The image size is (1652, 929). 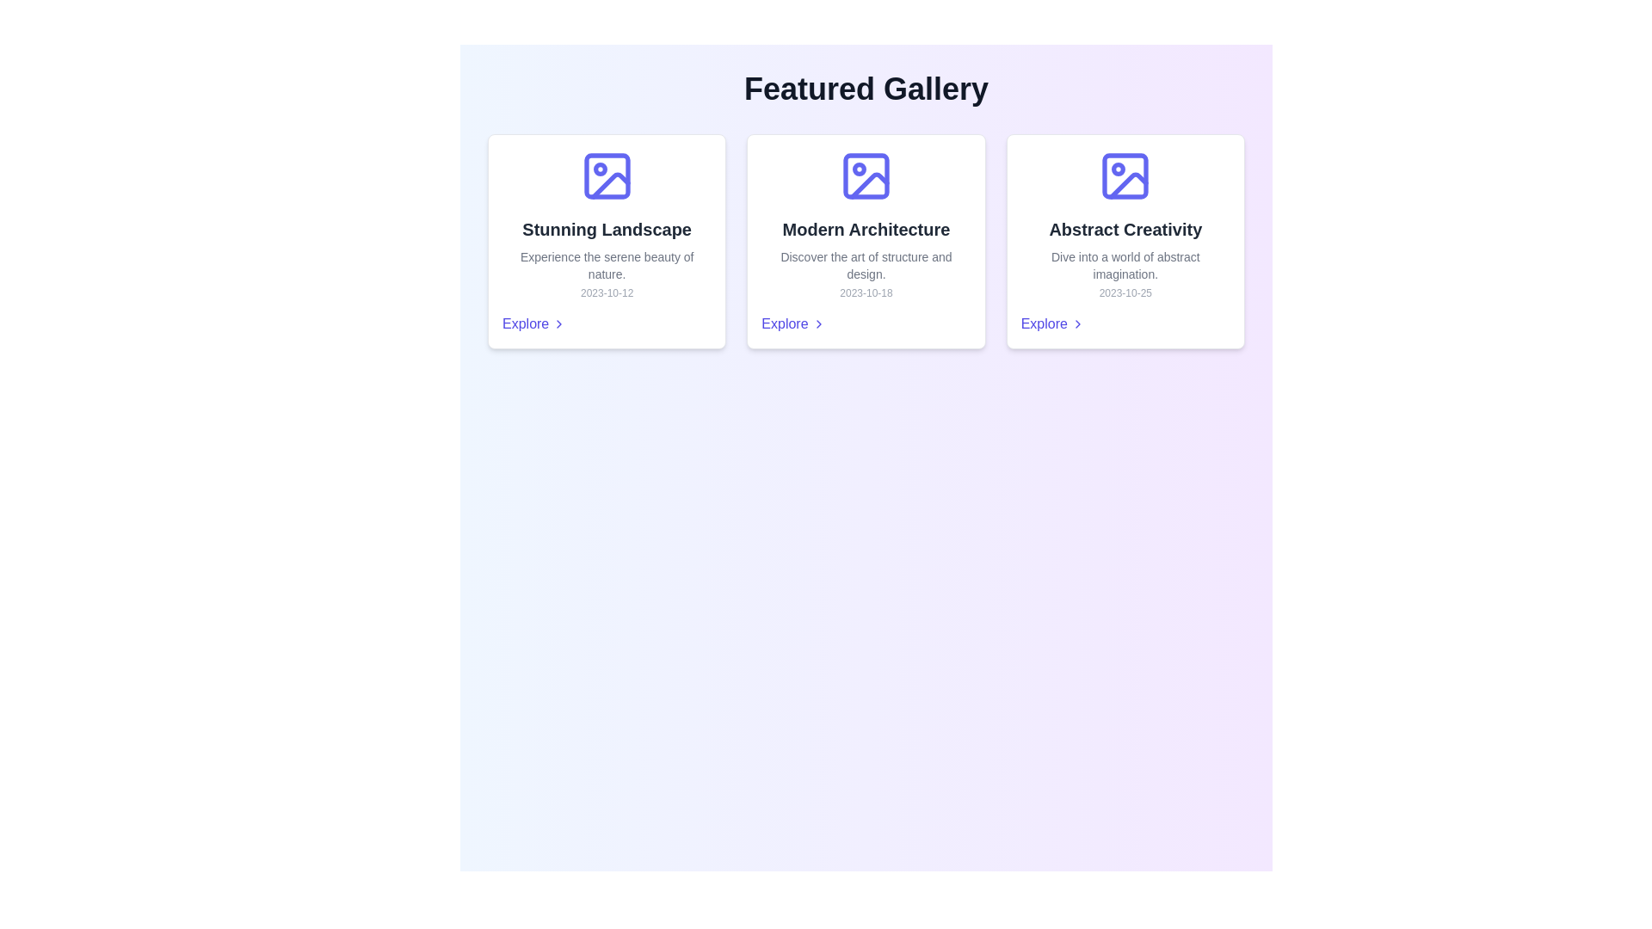 I want to click on the visual state of the next action icon located adjacent to the 'Explore' text in the leftmost card of the gallery, so click(x=559, y=324).